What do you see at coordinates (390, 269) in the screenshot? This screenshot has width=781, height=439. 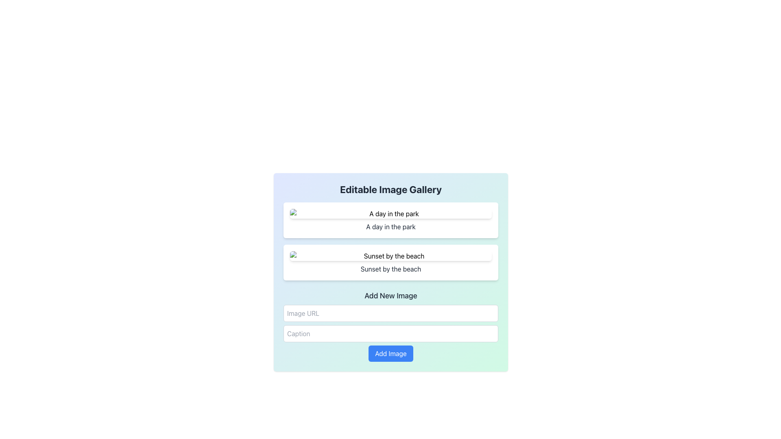 I see `the clickable text label 'Sunset by the beach' located in the second card of the 'Editable Image Gallery'` at bounding box center [390, 269].